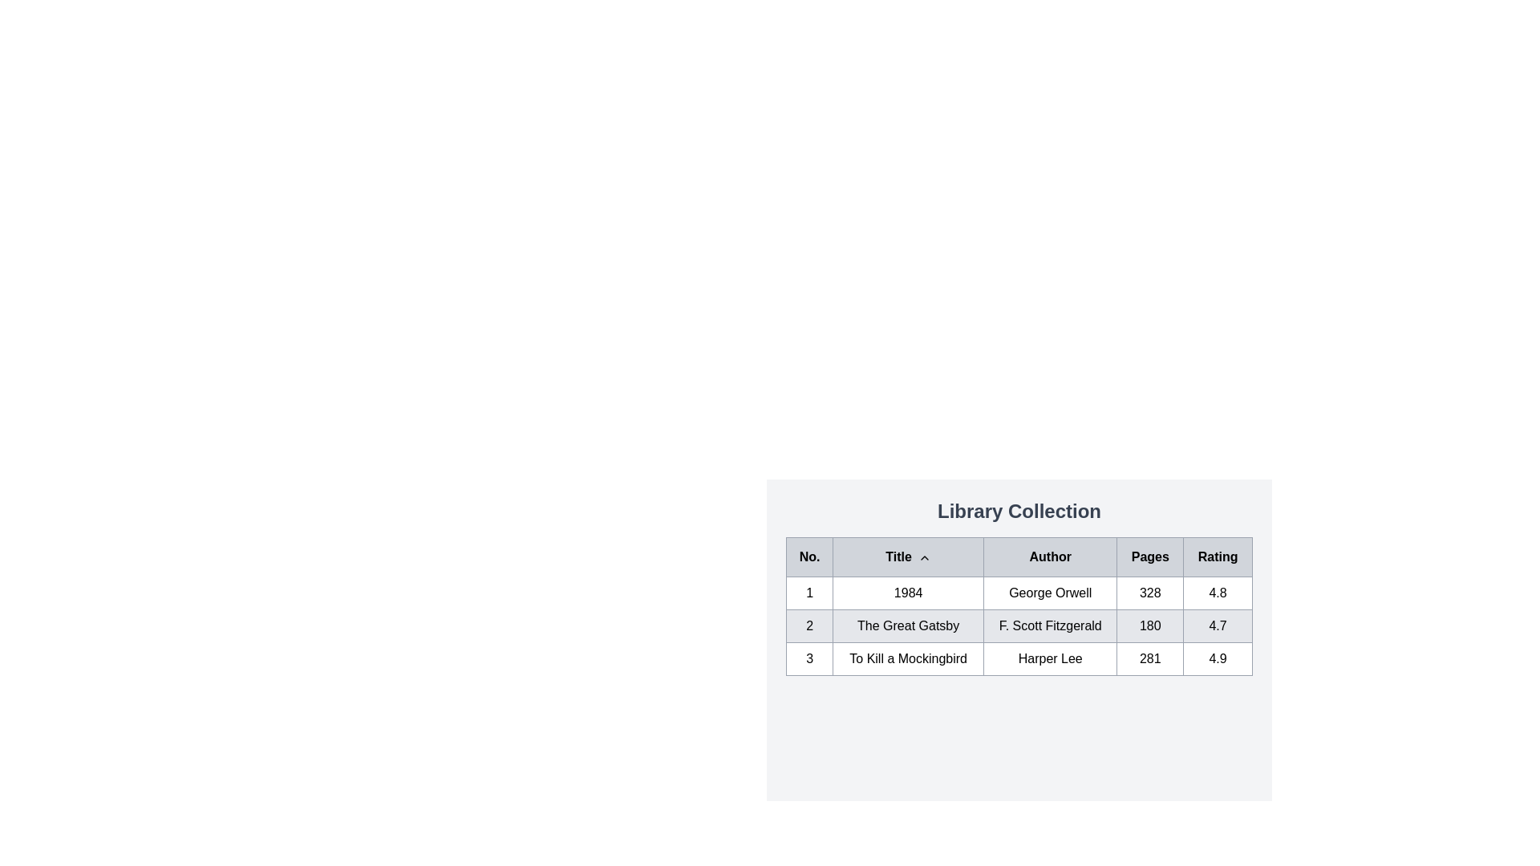 This screenshot has width=1540, height=866. What do you see at coordinates (1050, 625) in the screenshot?
I see `the table cell indicating the author's name for 'The Great Gatsby', located in the second row under the 'Author' column` at bounding box center [1050, 625].